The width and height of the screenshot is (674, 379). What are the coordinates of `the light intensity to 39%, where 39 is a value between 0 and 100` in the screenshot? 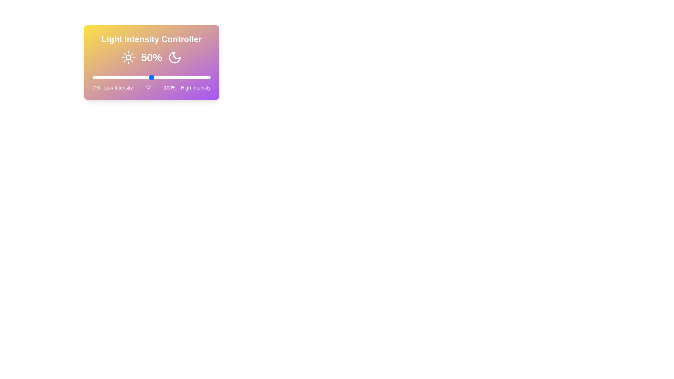 It's located at (139, 77).